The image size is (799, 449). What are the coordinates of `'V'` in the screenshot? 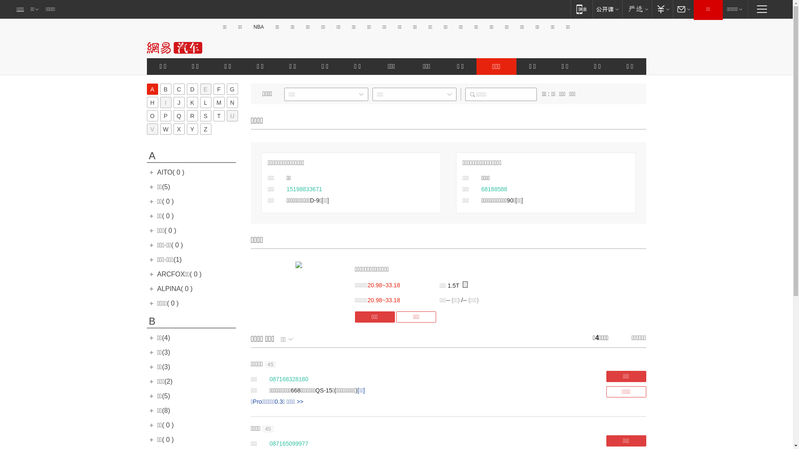 It's located at (152, 129).